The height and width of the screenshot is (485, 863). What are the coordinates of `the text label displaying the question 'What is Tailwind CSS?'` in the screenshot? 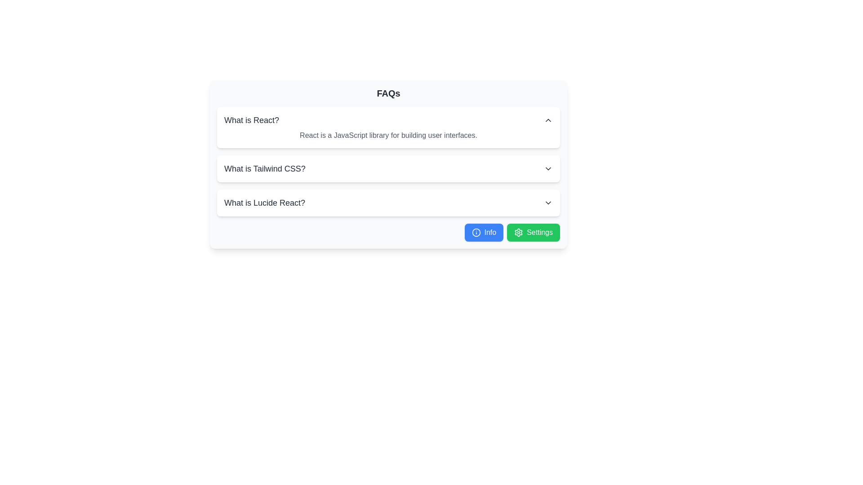 It's located at (264, 168).